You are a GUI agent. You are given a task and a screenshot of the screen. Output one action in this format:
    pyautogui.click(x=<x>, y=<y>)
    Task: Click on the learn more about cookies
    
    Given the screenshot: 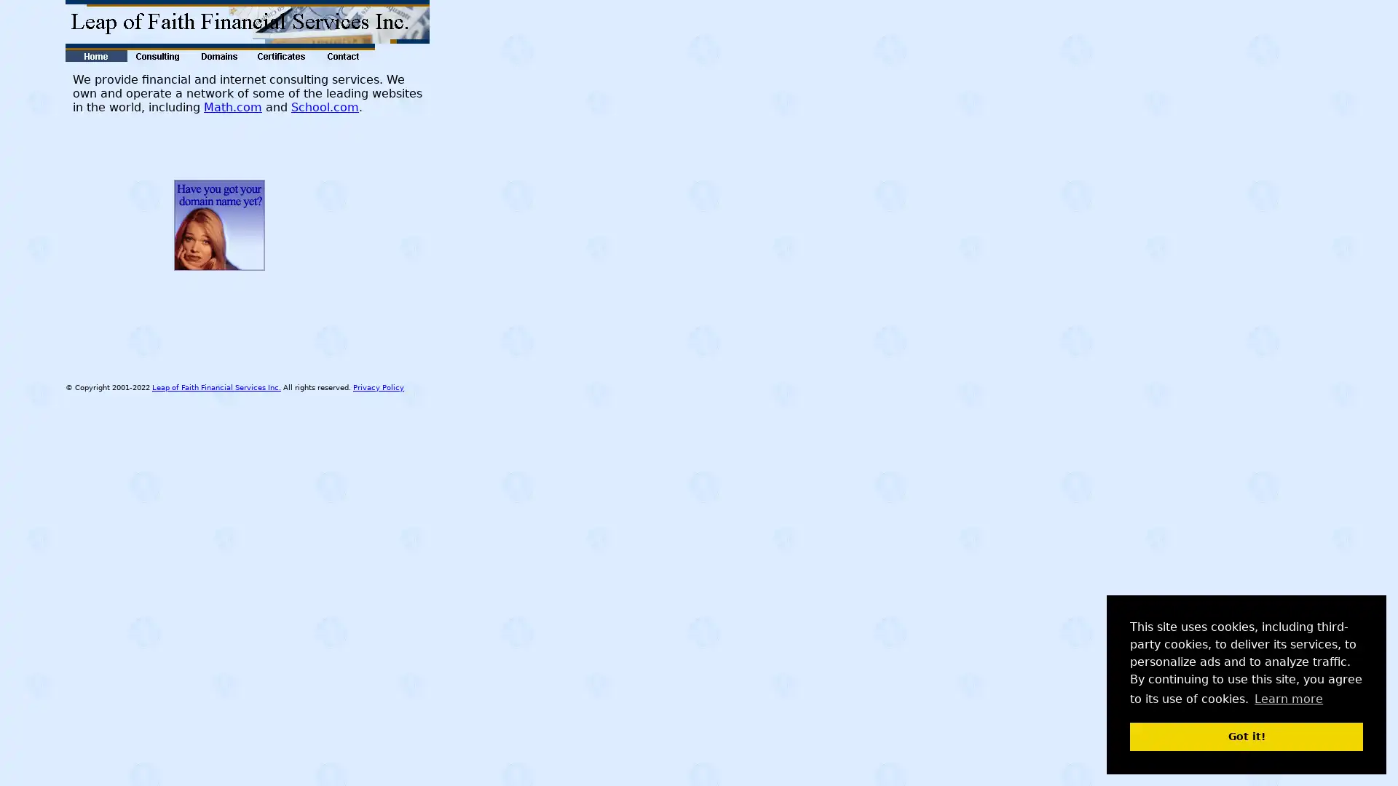 What is the action you would take?
    pyautogui.click(x=1289, y=698)
    